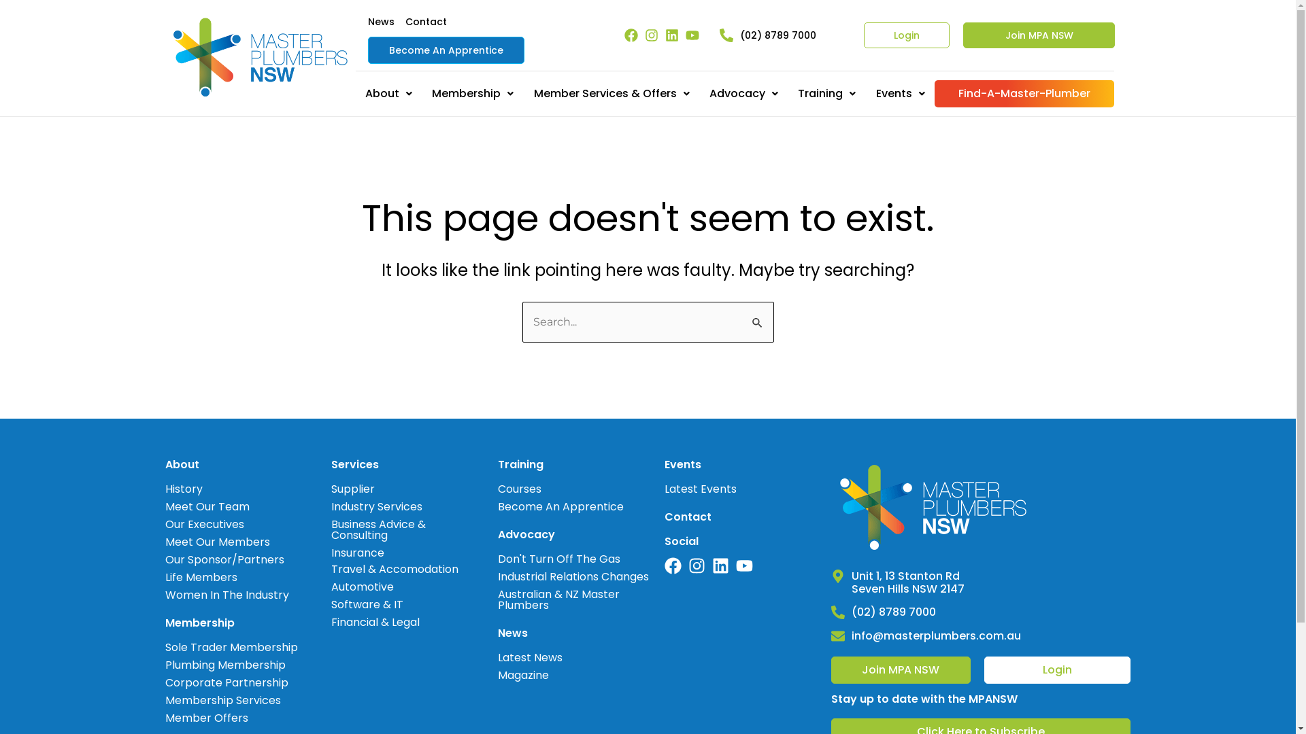  I want to click on 'Plumbing Membership', so click(231, 665).